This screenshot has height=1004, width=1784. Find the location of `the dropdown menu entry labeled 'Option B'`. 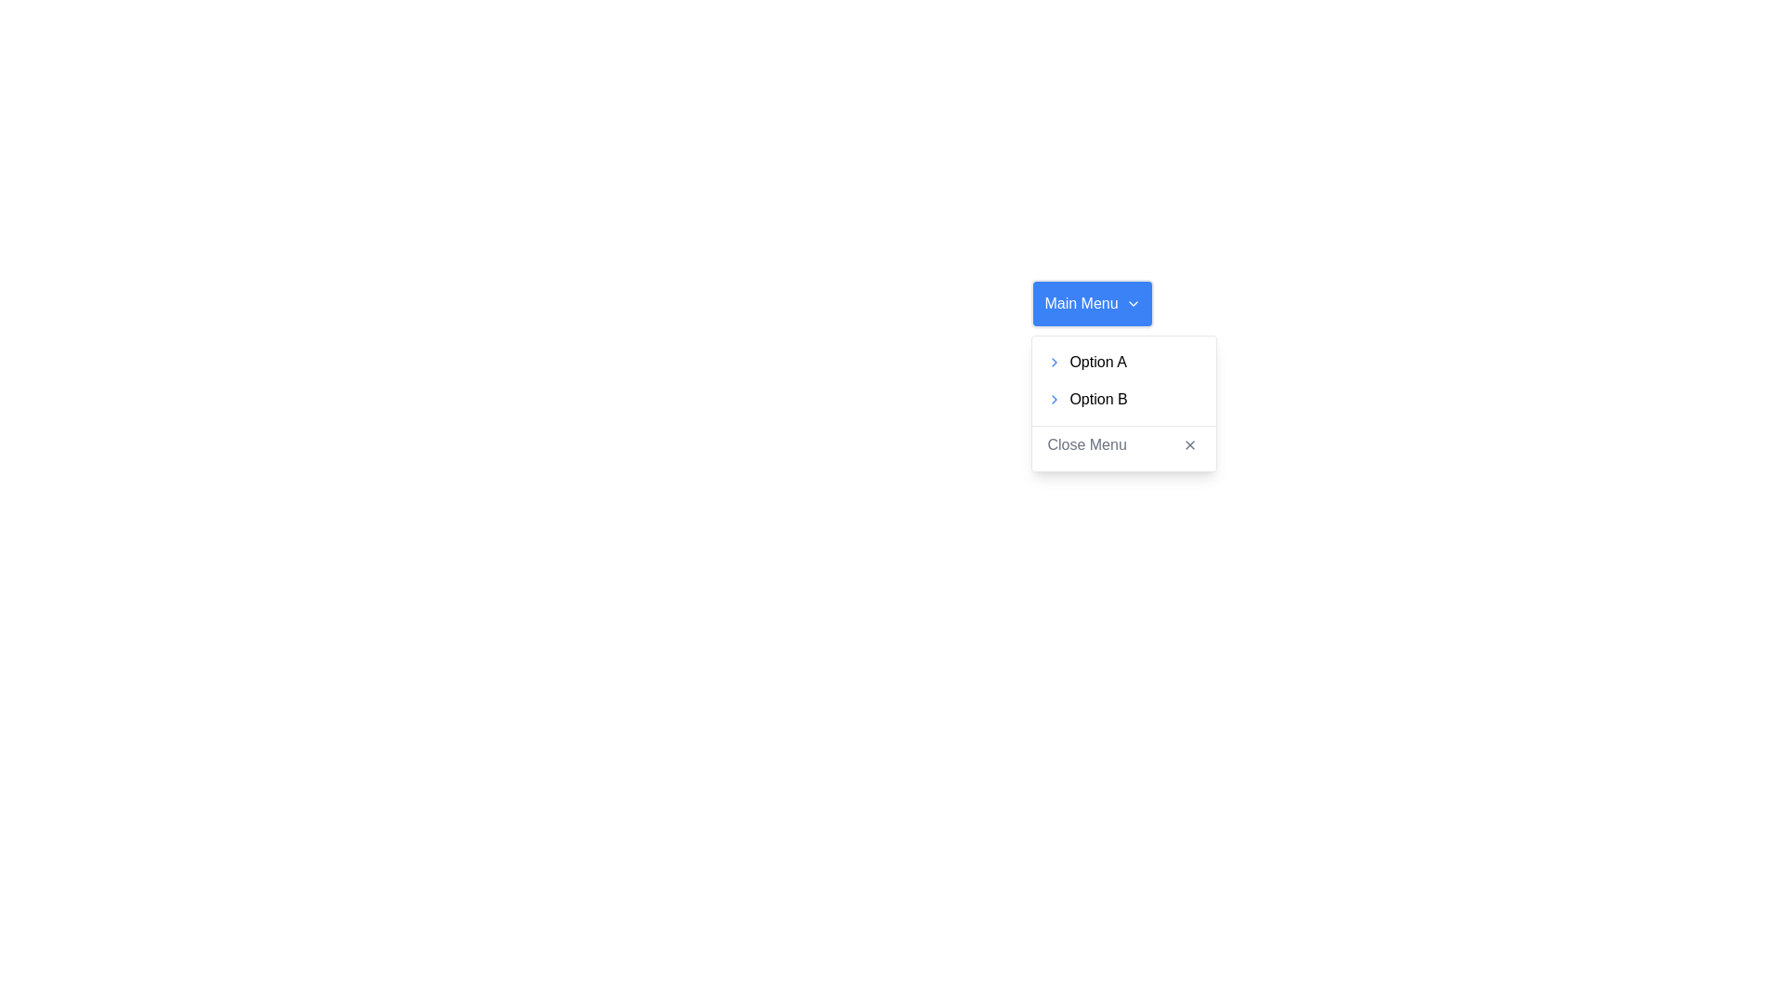

the dropdown menu entry labeled 'Option B' is located at coordinates (1122, 398).